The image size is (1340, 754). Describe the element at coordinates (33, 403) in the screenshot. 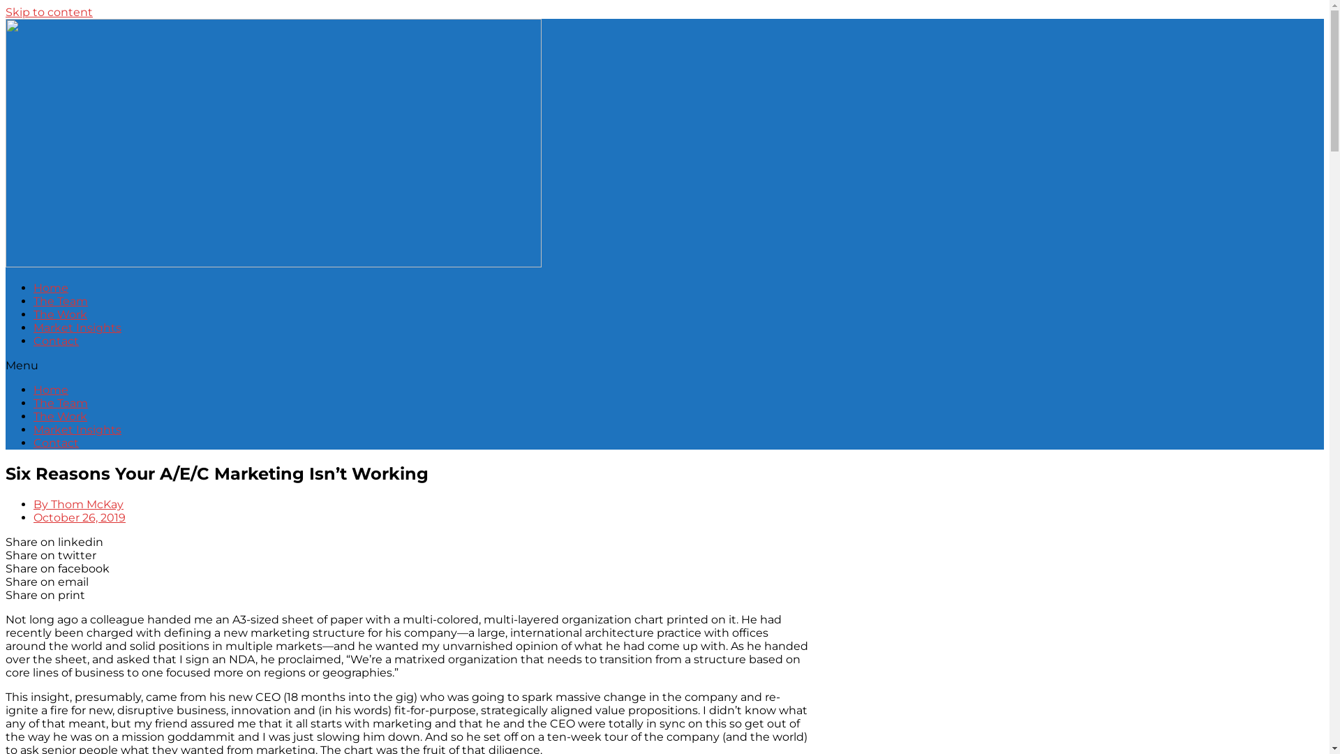

I see `'The Team'` at that location.